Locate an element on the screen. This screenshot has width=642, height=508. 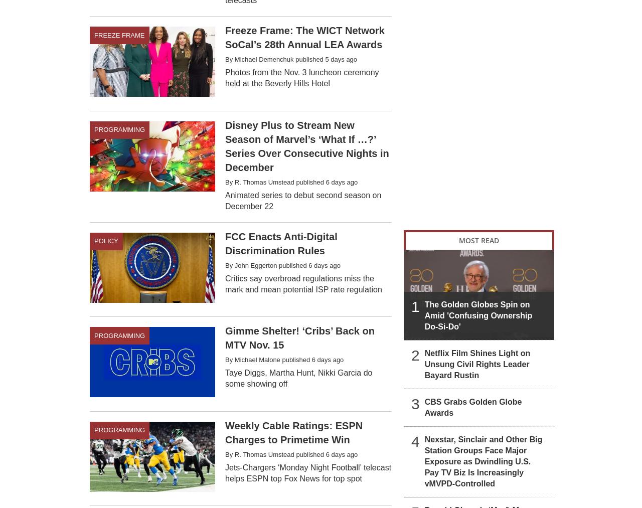
'1' is located at coordinates (411, 305).